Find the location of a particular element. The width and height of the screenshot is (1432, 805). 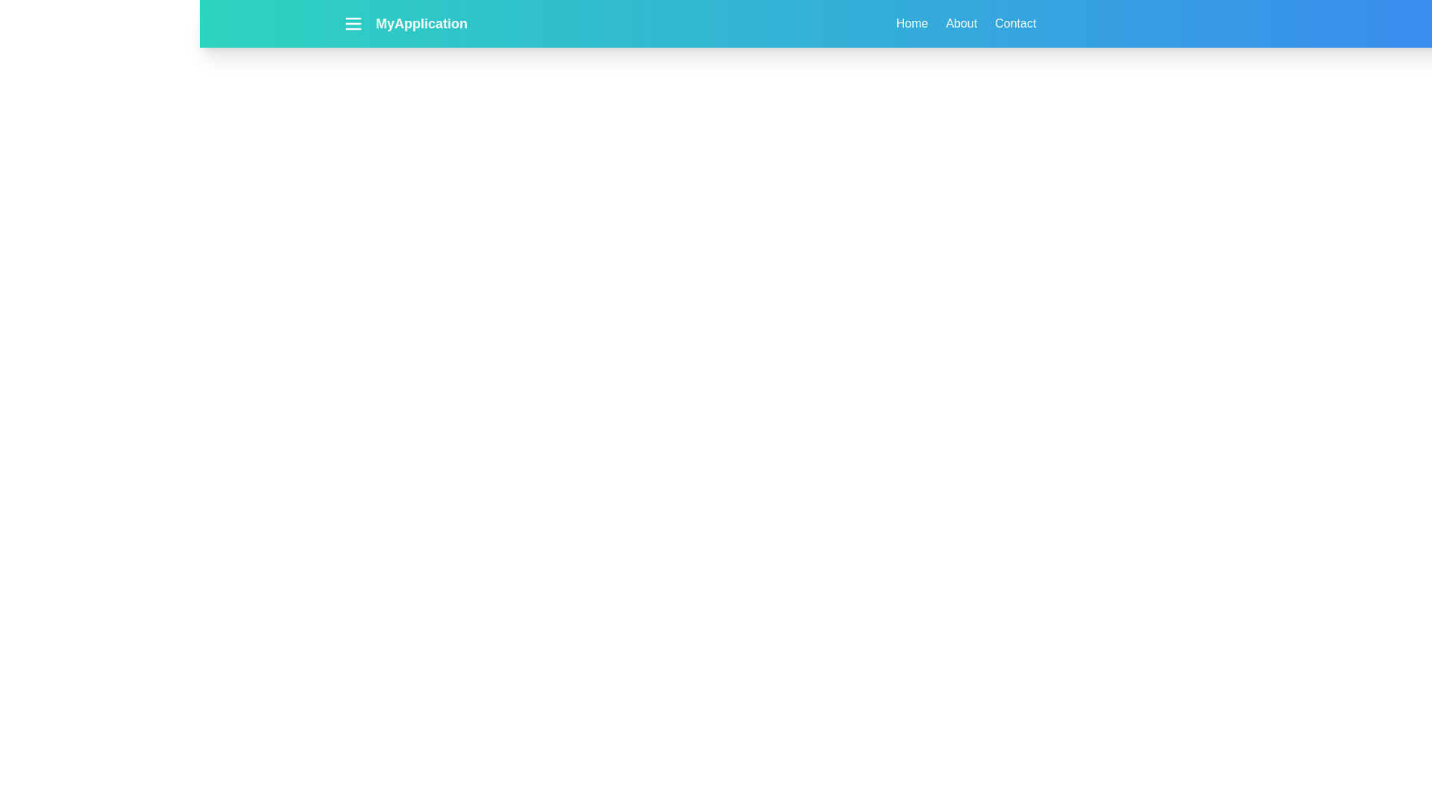

the 'About' link in the navigation bar is located at coordinates (961, 23).